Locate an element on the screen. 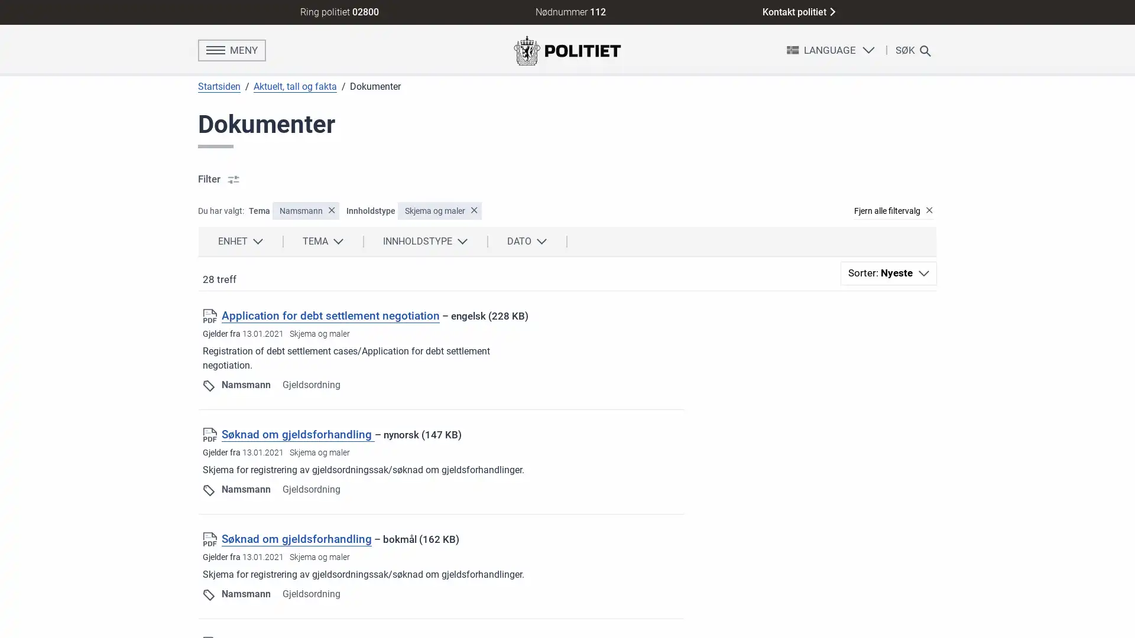 Image resolution: width=1135 pixels, height=638 pixels. MENY is located at coordinates (232, 49).